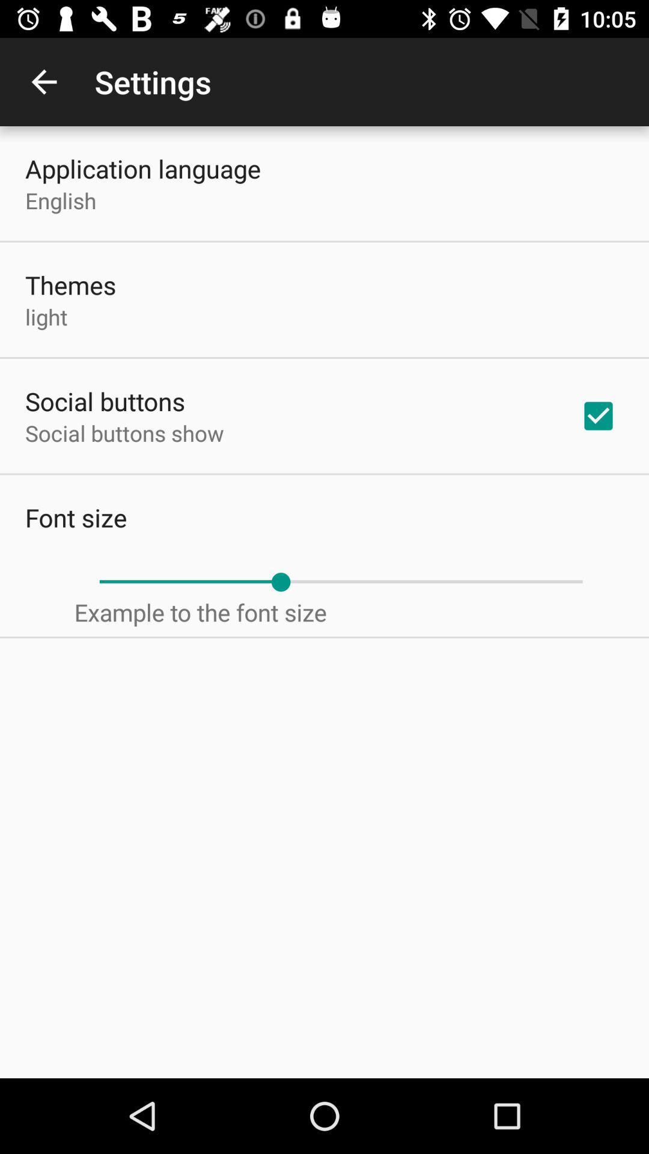 This screenshot has height=1154, width=649. What do you see at coordinates (341, 582) in the screenshot?
I see `item at the center` at bounding box center [341, 582].